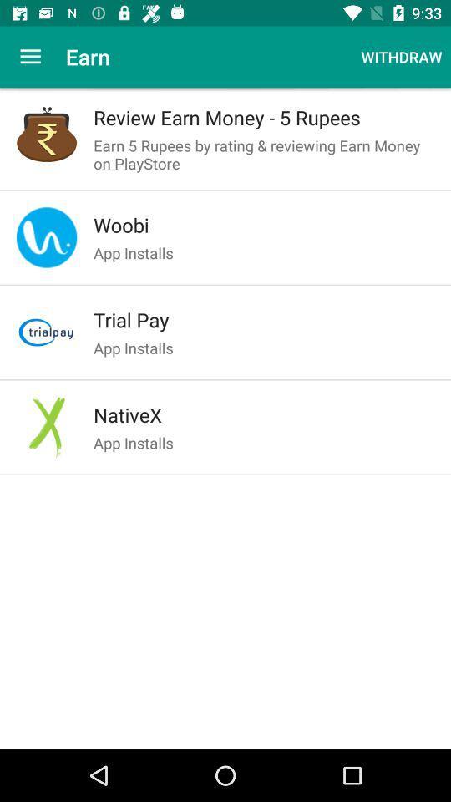  What do you see at coordinates (400, 57) in the screenshot?
I see `app next to earn app` at bounding box center [400, 57].